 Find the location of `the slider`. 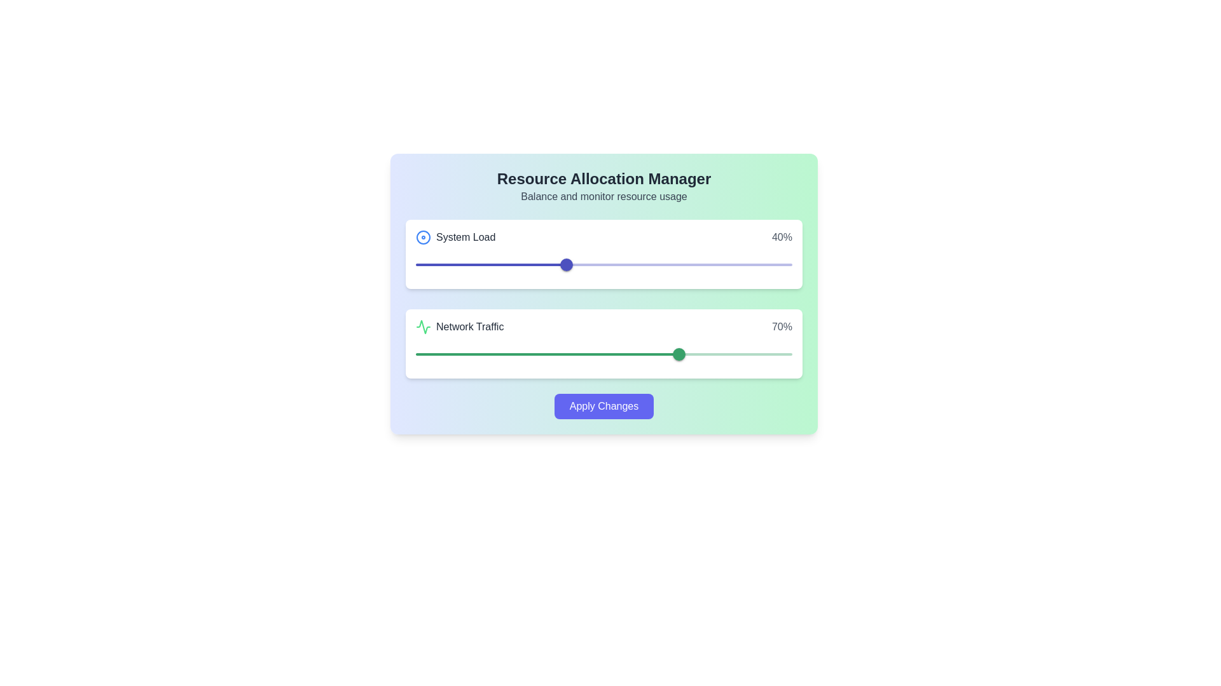

the slider is located at coordinates (559, 264).